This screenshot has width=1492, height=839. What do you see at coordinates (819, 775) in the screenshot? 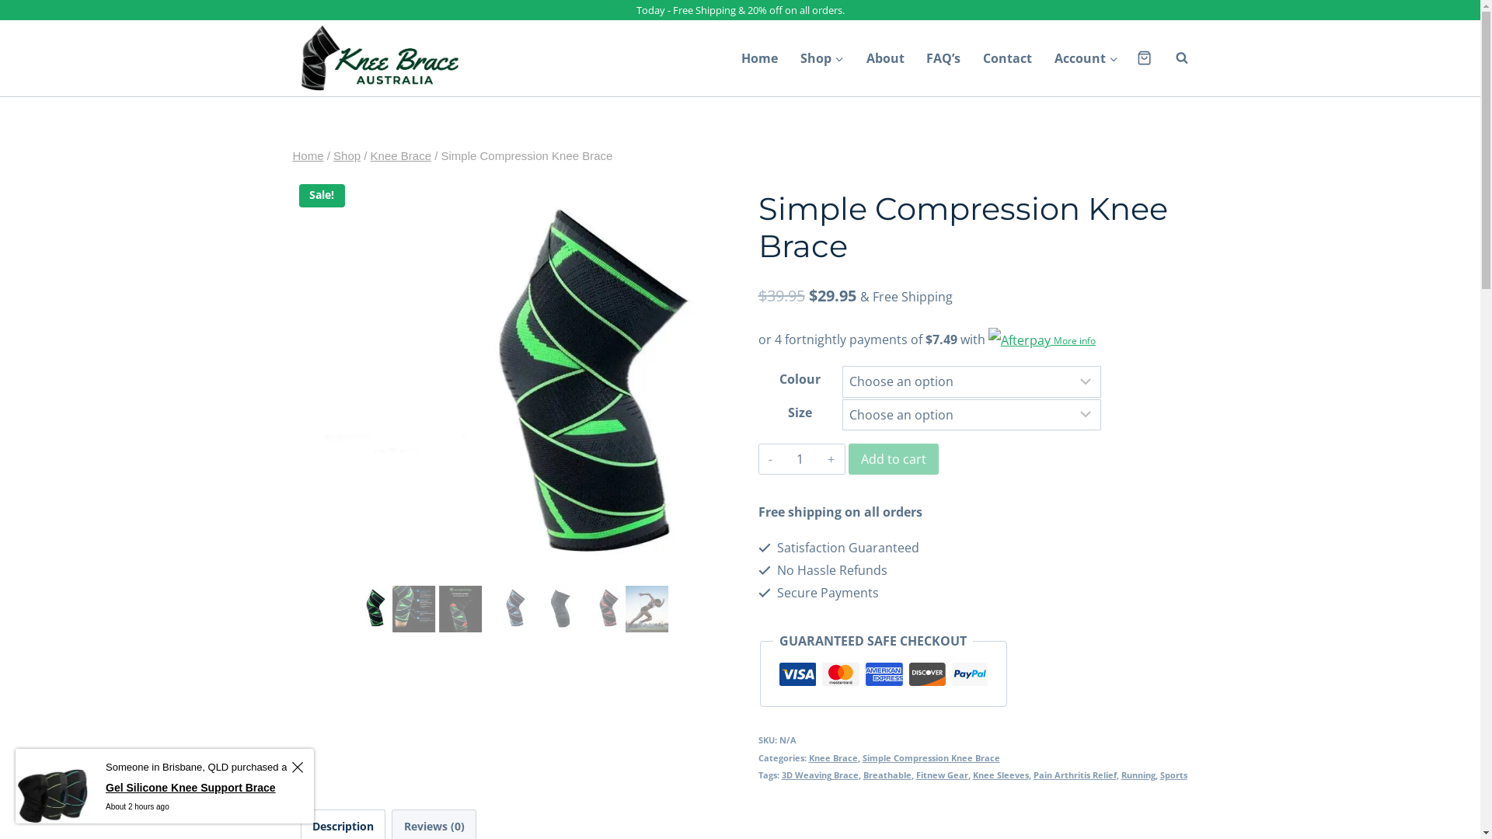
I see `'3D Weaving Brace'` at bounding box center [819, 775].